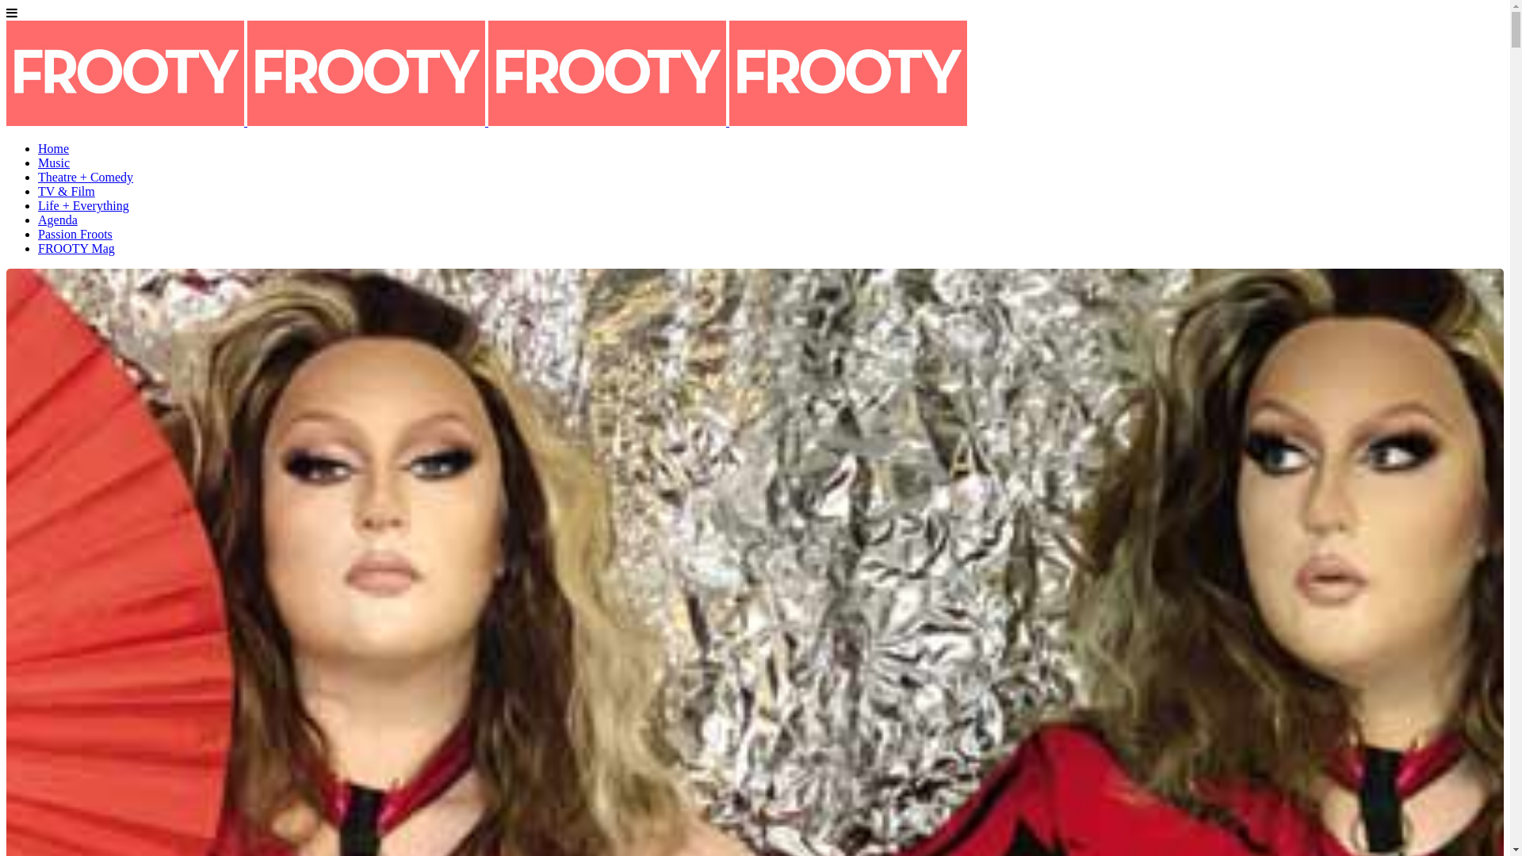  I want to click on 'Home', so click(53, 148).